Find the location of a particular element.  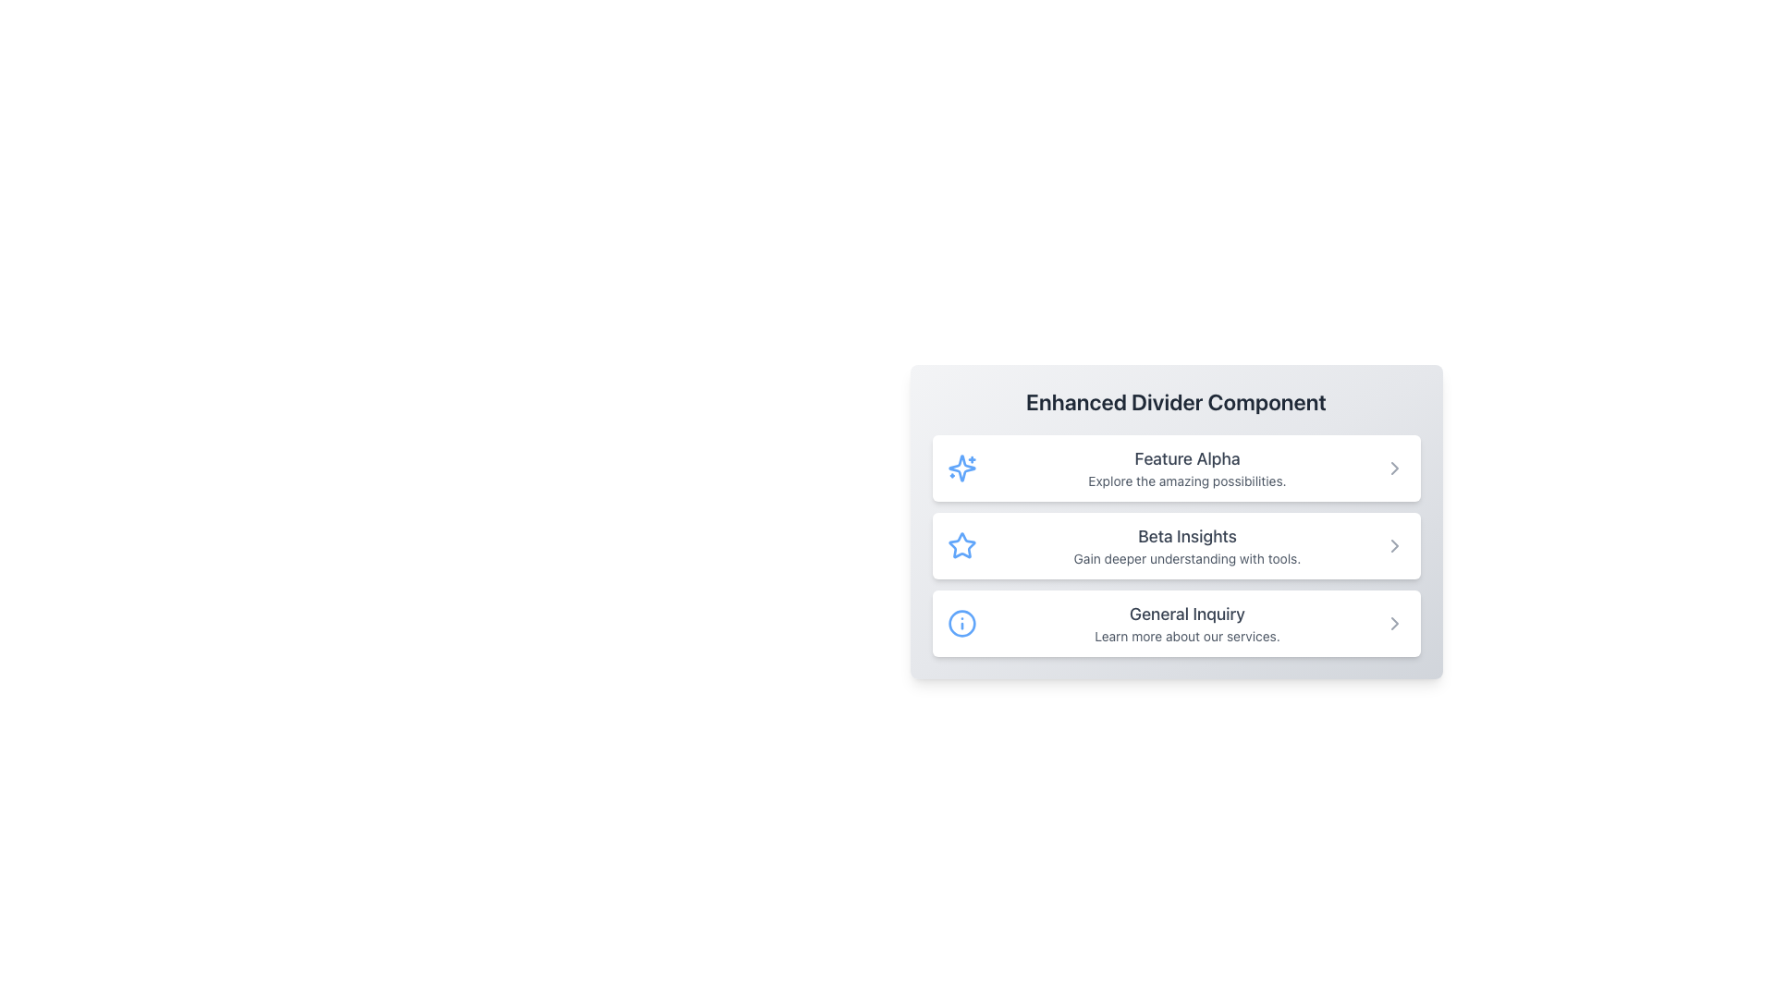

the chevron icon located at the rightmost part of the 'Feature Alpha' card is located at coordinates (1394, 467).